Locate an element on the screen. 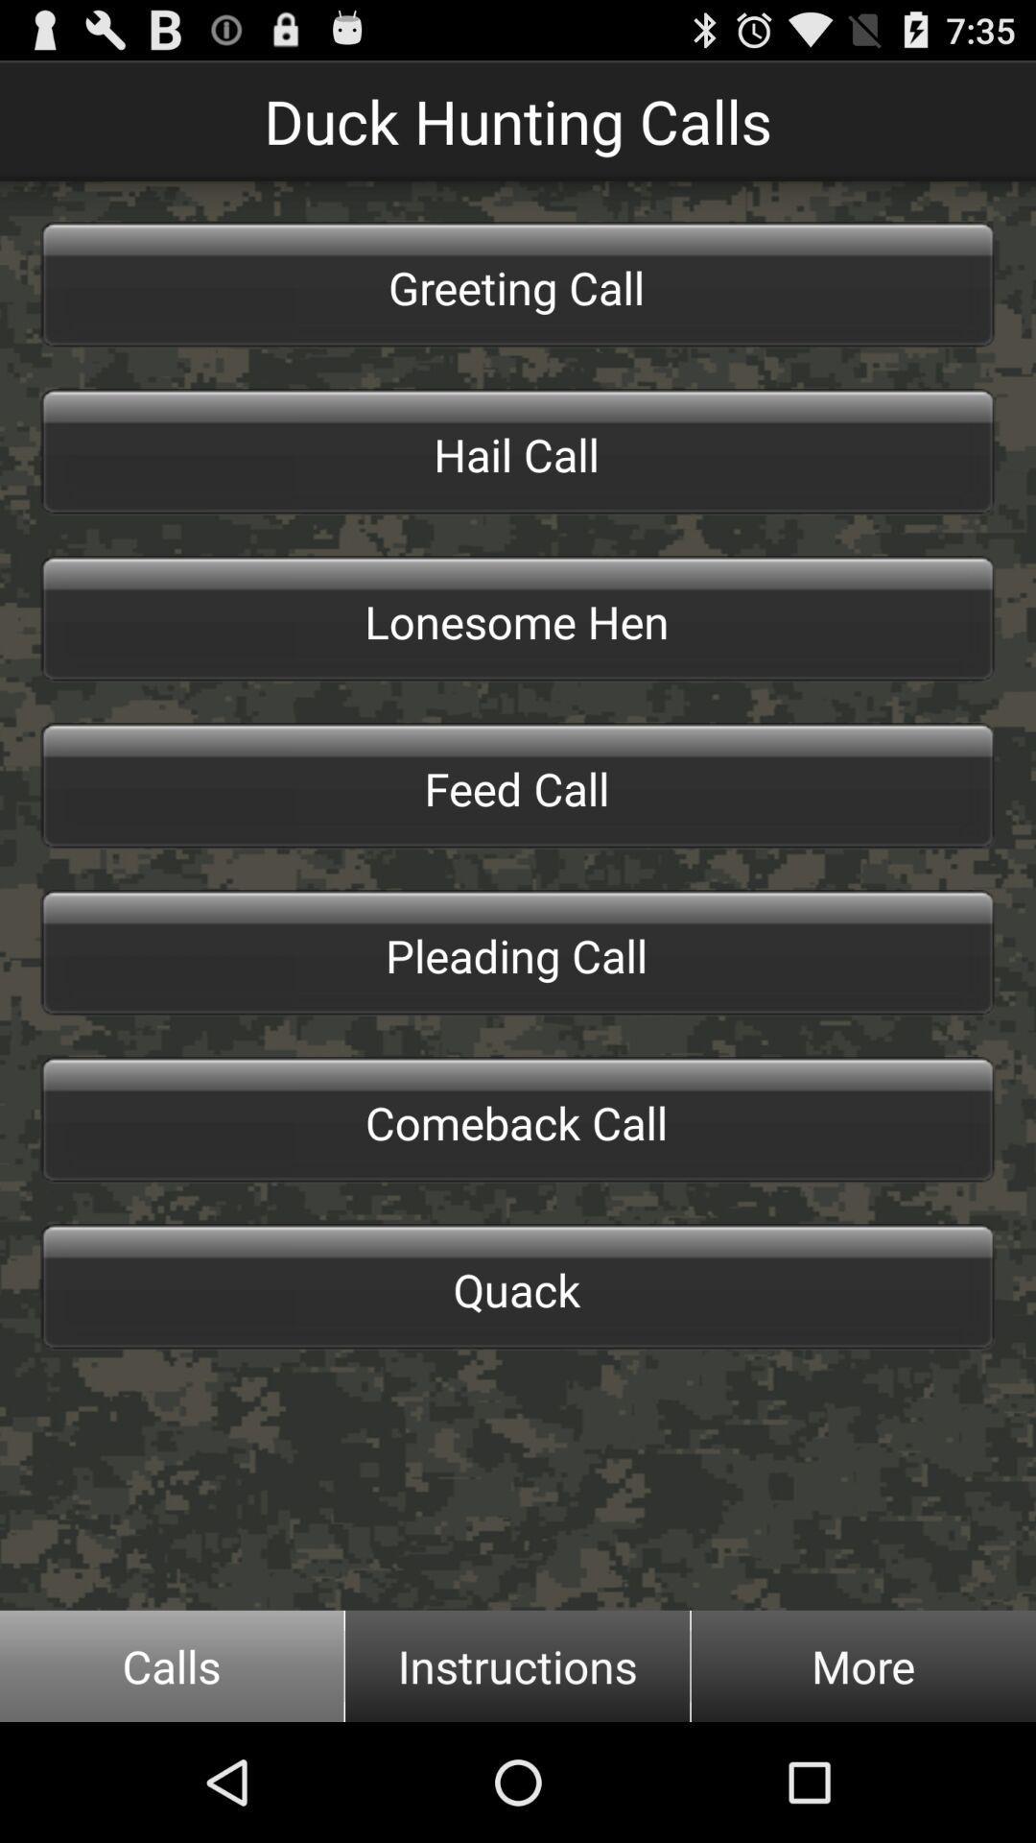  icon above feed call button is located at coordinates (518, 618).